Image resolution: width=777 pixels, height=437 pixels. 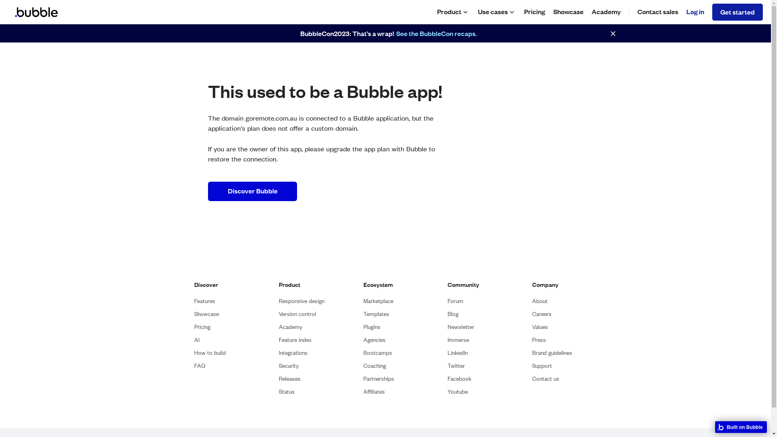 I want to click on 'Bootcamps', so click(x=363, y=352).